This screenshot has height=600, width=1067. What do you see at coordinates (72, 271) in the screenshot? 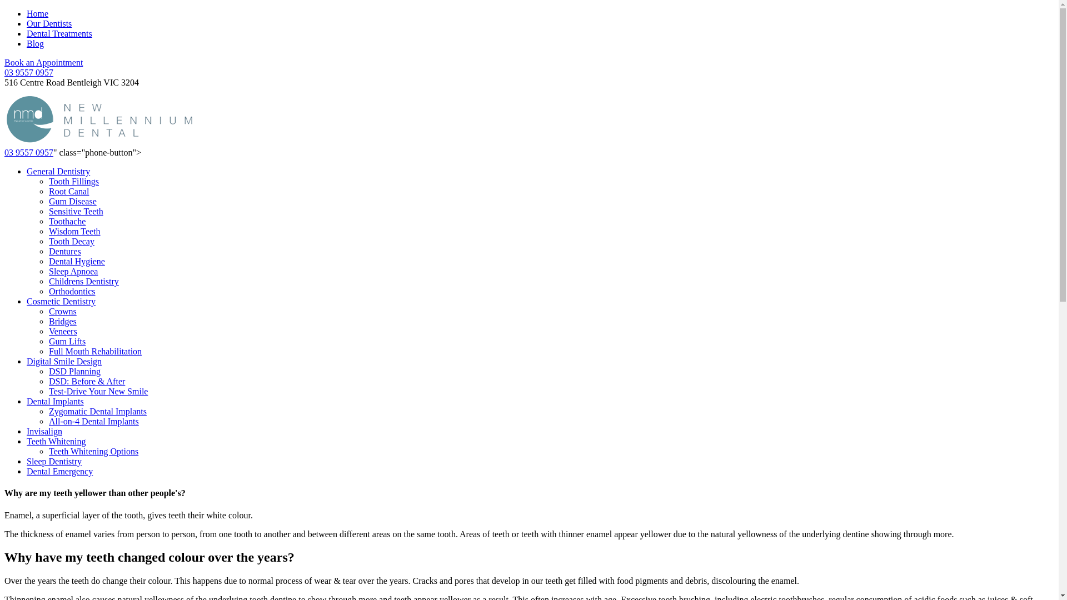
I see `'Sleep Apnoea'` at bounding box center [72, 271].